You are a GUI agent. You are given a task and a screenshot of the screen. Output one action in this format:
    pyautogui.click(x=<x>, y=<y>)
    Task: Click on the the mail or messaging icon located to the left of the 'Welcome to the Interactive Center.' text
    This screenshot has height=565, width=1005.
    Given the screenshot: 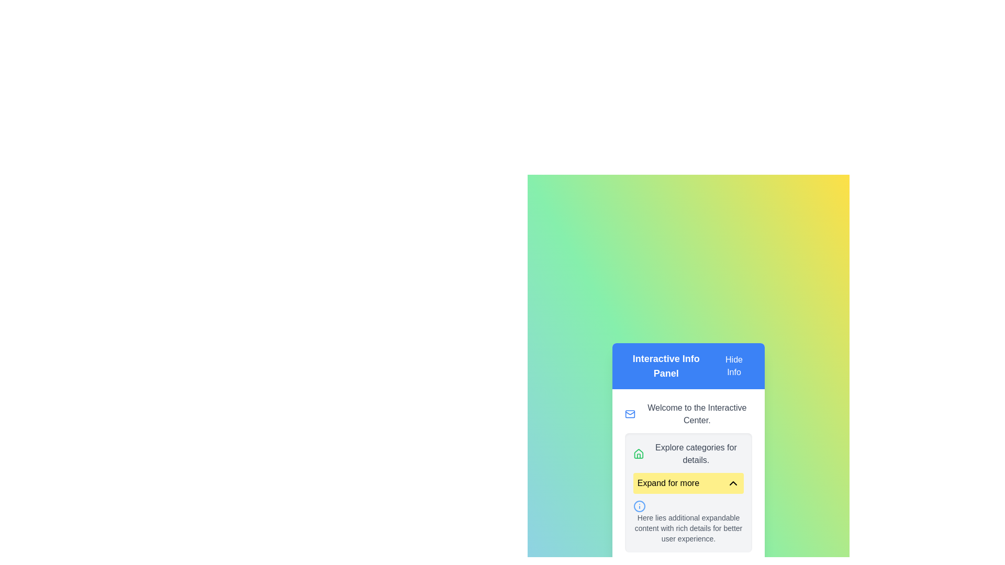 What is the action you would take?
    pyautogui.click(x=630, y=413)
    